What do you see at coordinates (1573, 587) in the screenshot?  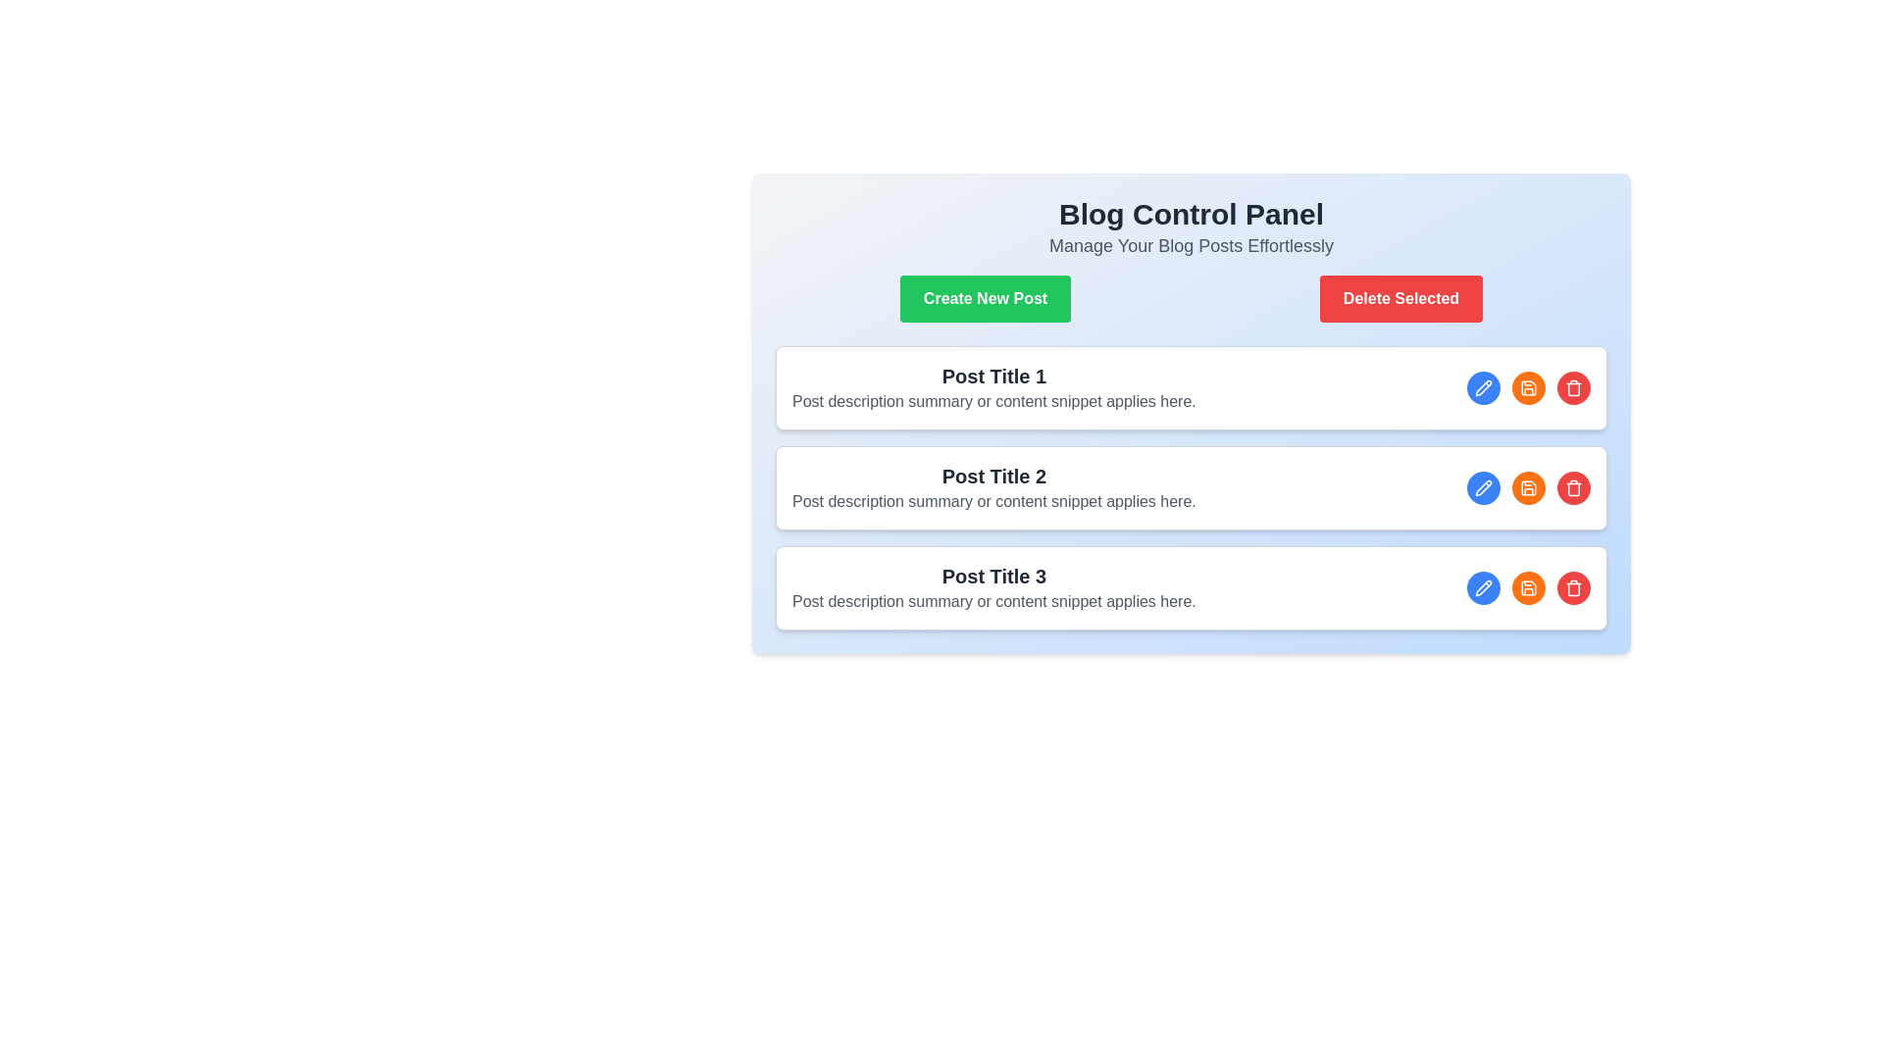 I see `the circular delete button, which is the rightmost button in the action group for the third blog post entry, to trigger visual feedback` at bounding box center [1573, 587].